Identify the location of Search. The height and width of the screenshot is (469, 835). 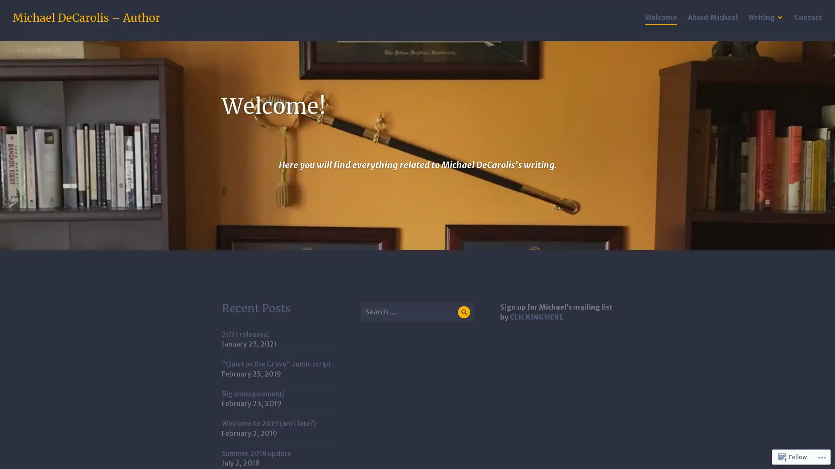
(463, 311).